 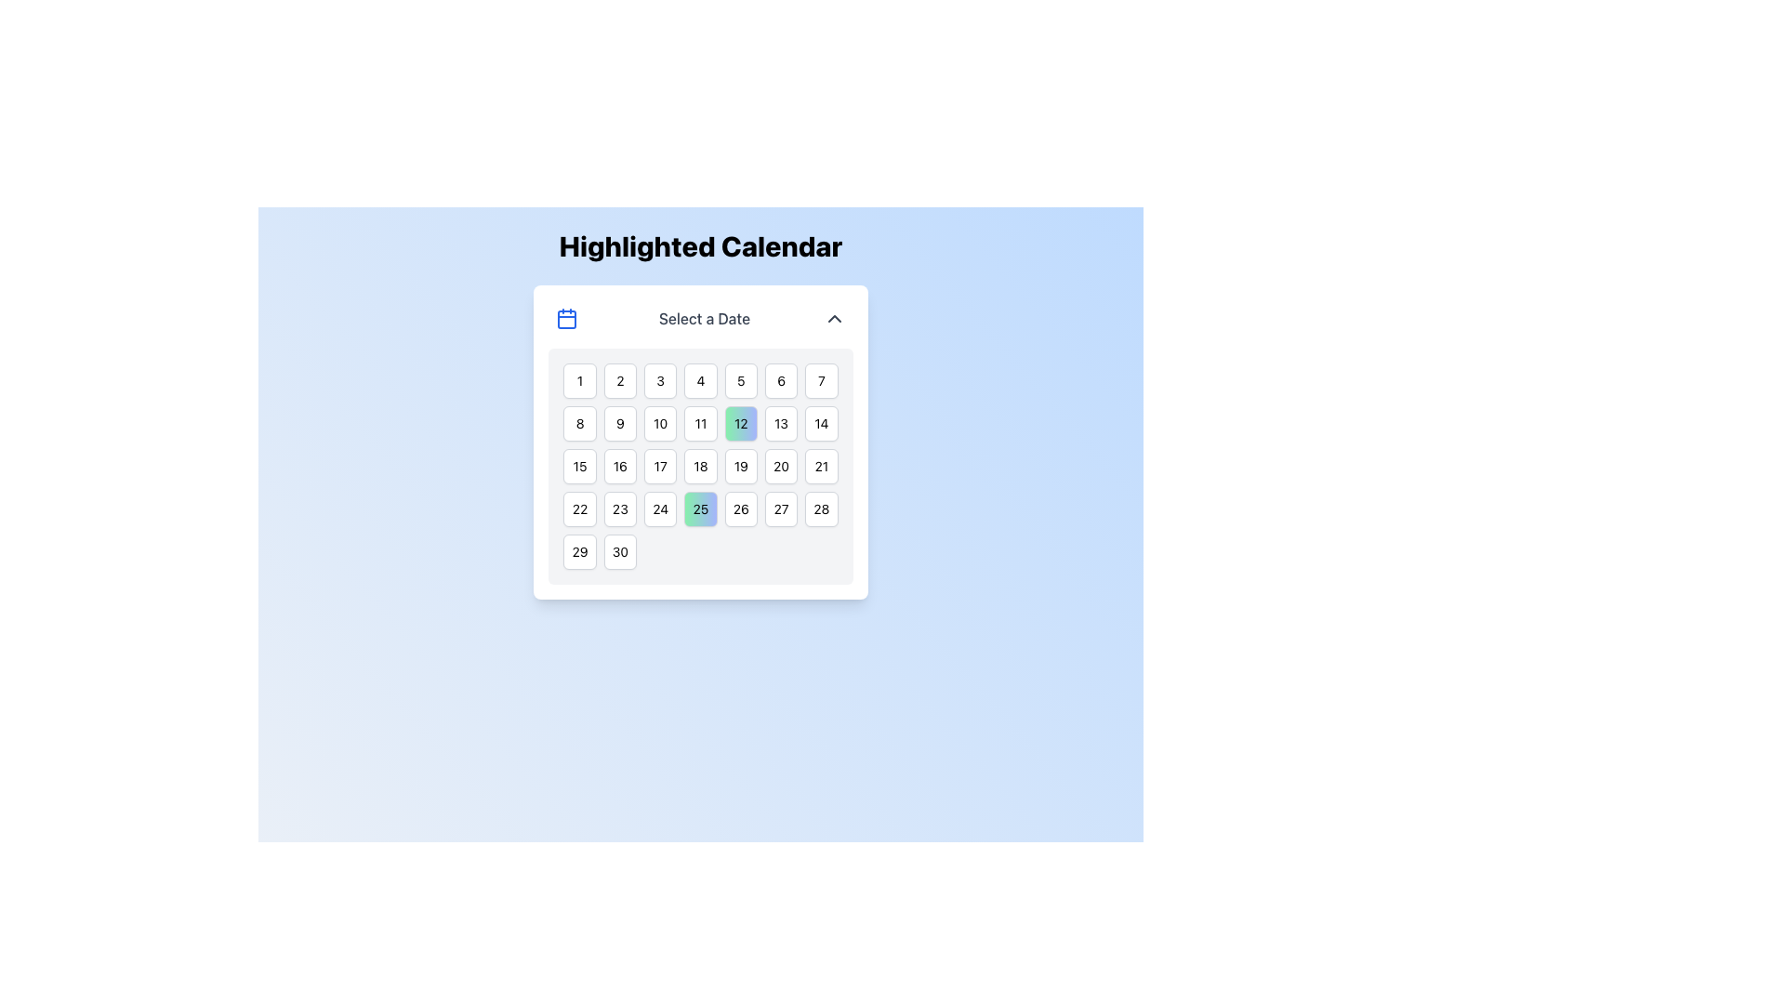 I want to click on the button representing the date '17' in the calendar grid, which has a white background and a thin gray border, so click(x=660, y=465).